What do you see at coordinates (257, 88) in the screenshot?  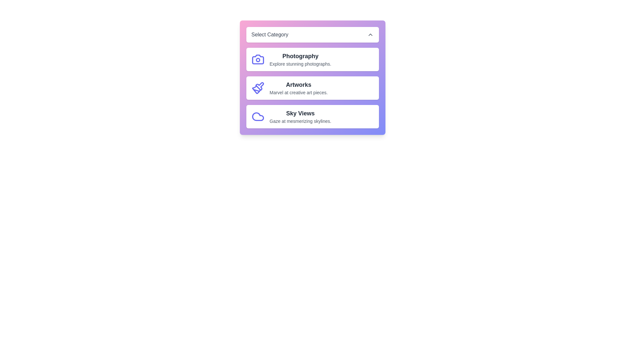 I see `the icon for the category Artworks` at bounding box center [257, 88].